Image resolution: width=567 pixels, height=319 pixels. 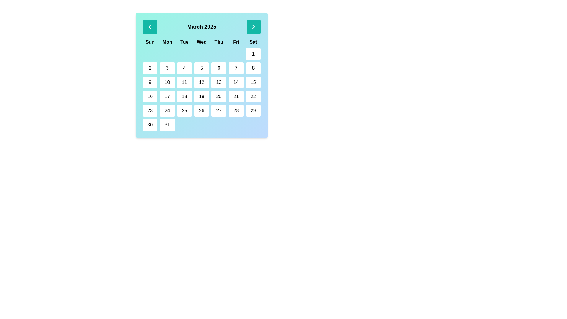 What do you see at coordinates (184, 82) in the screenshot?
I see `the day selector button for the 11th day of the month located in the fifth cell of the fourth row of the calendar interface under the 'Tue' header` at bounding box center [184, 82].